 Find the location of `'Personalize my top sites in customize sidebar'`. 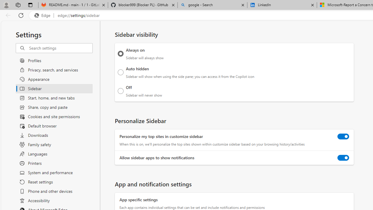

'Personalize my top sites in customize sidebar' is located at coordinates (343, 136).